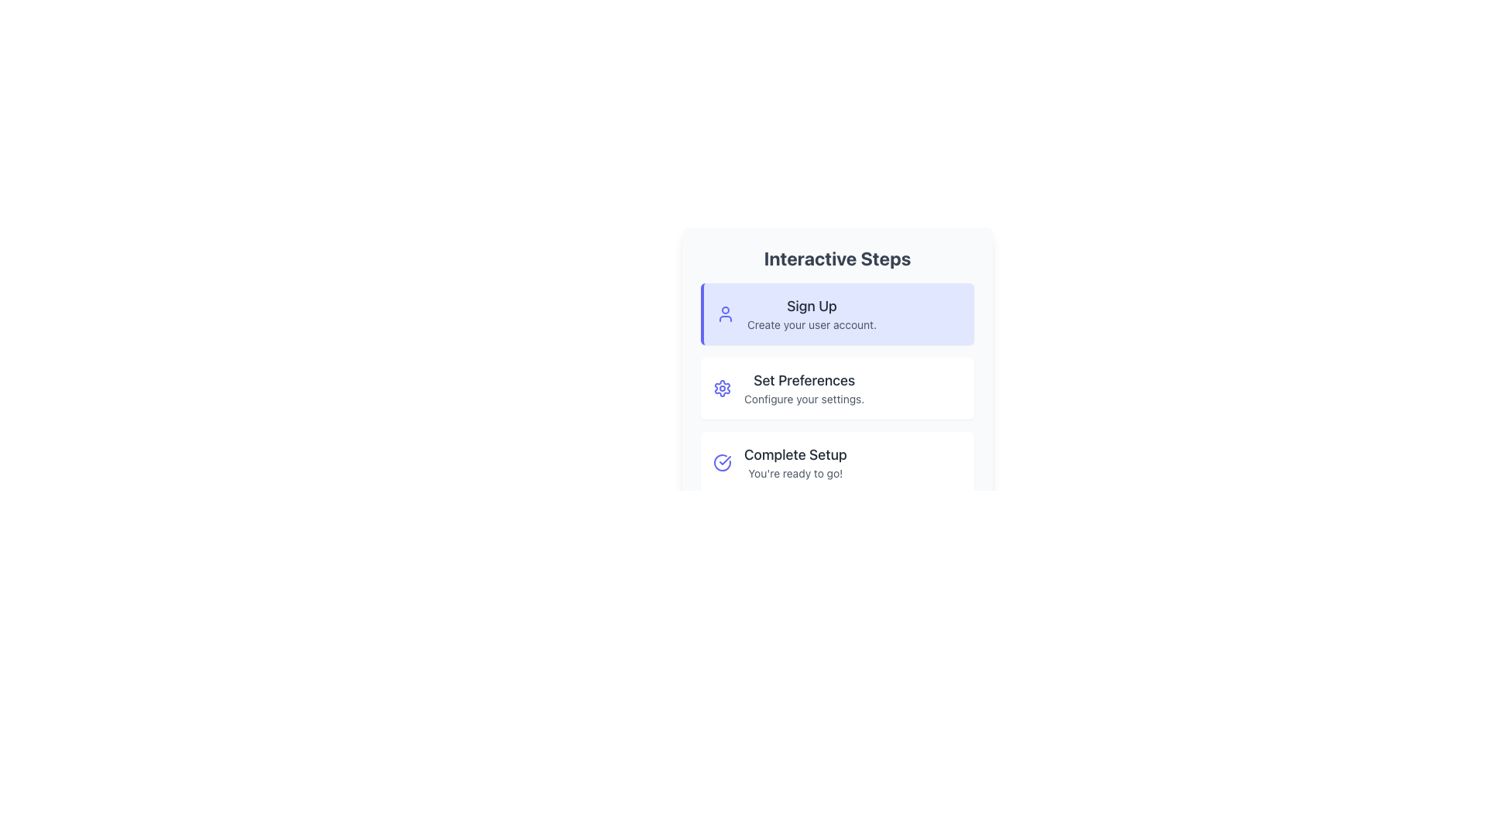  What do you see at coordinates (804, 387) in the screenshot?
I see `the informational text block providing details about the 'Set Preferences' step` at bounding box center [804, 387].